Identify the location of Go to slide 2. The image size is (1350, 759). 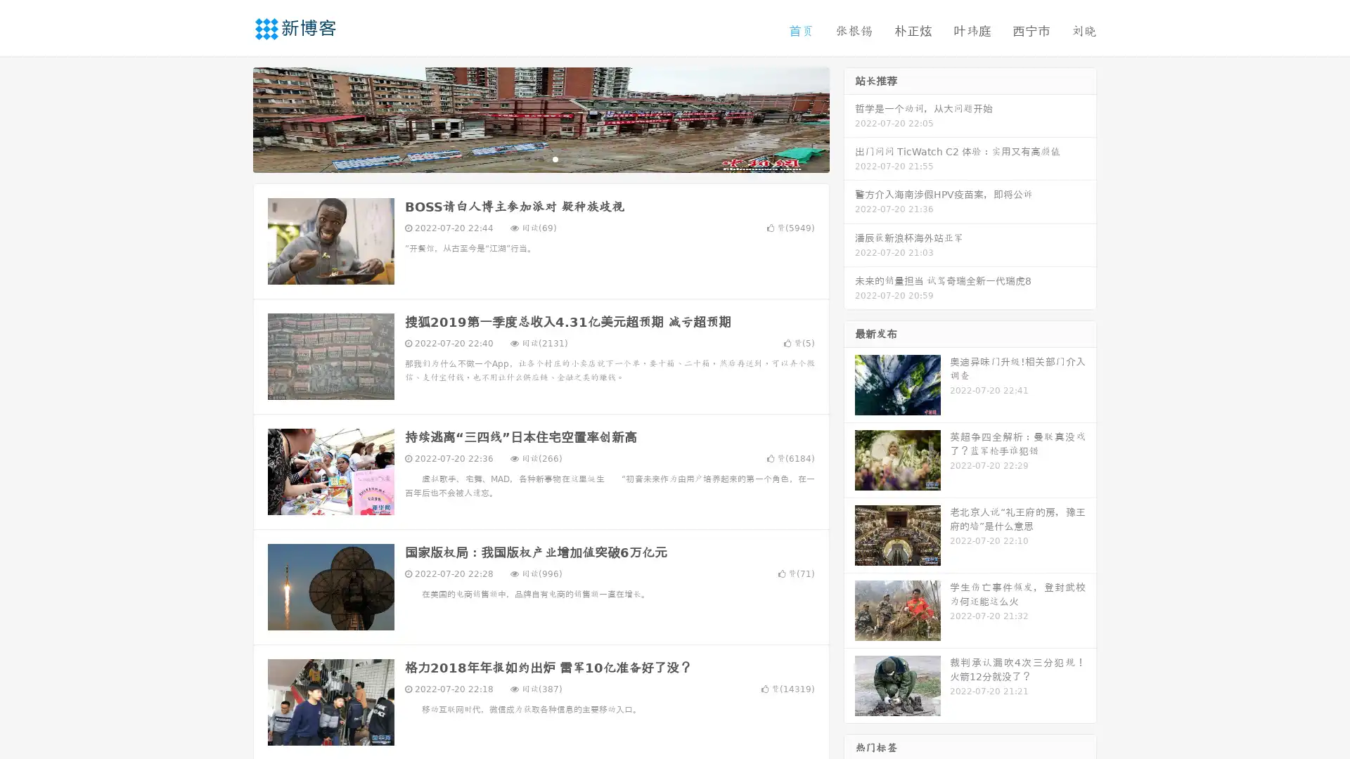
(540, 158).